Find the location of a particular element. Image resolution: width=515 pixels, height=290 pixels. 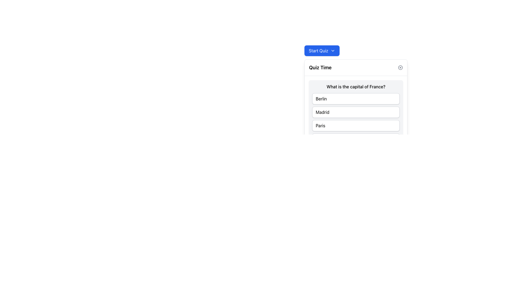

the selectable answer option labeled 'Madrid', which is the second option in a vertical list of answers is located at coordinates (356, 112).